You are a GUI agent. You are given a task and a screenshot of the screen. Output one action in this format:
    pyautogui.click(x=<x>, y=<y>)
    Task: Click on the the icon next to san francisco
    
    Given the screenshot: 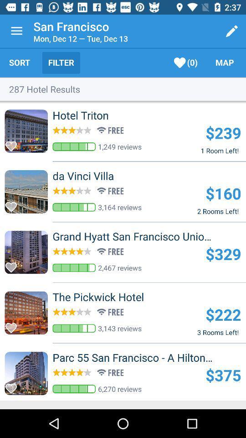 What is the action you would take?
    pyautogui.click(x=16, y=31)
    